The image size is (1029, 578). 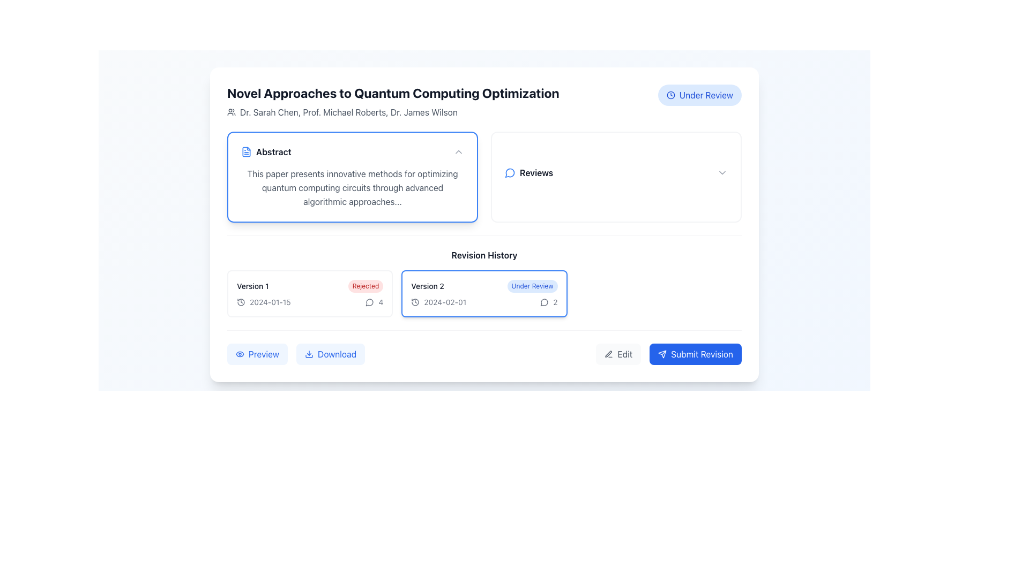 What do you see at coordinates (392, 112) in the screenshot?
I see `text 'Dr. Sarah Chen, Prof. Michael Roberts, Dr. James Wilson,' which is styled in gray and located below the title 'Novel Approaches to Quantum Computing Optimization.'` at bounding box center [392, 112].